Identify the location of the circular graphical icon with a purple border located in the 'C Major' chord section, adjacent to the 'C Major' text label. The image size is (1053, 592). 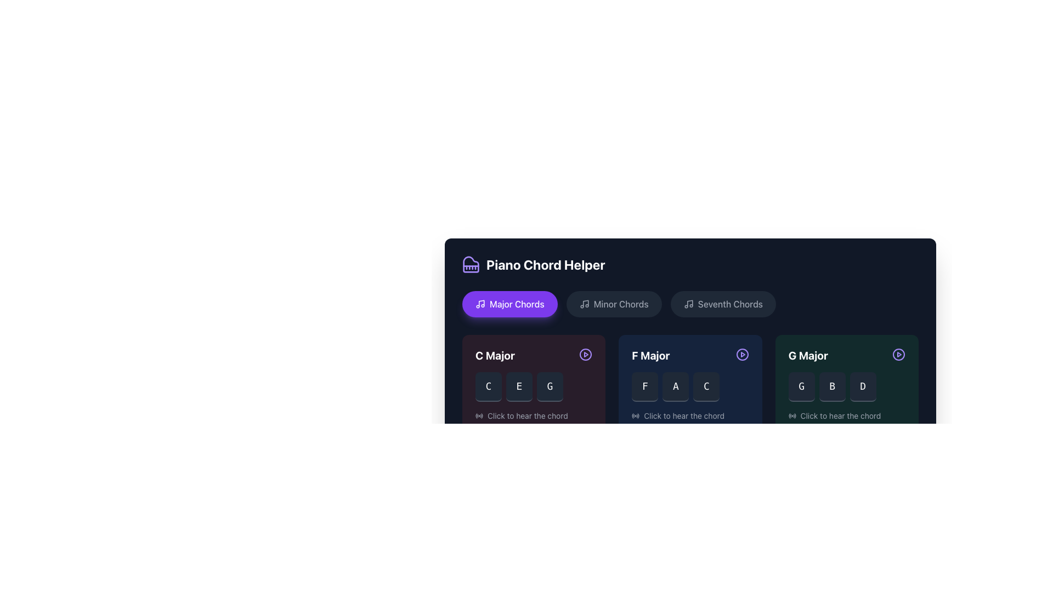
(585, 355).